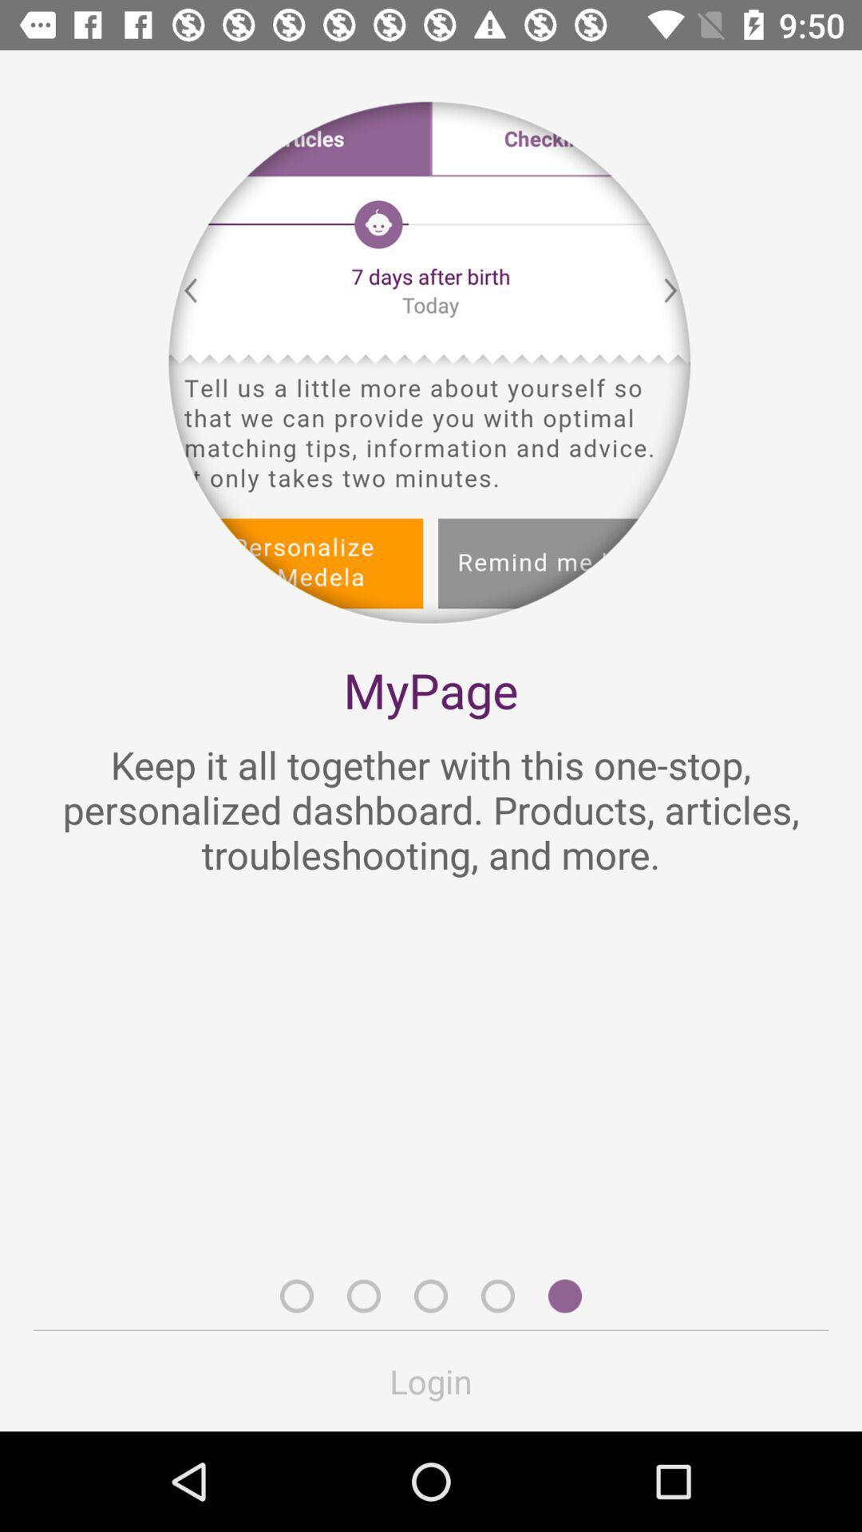  What do you see at coordinates (431, 1380) in the screenshot?
I see `the login` at bounding box center [431, 1380].